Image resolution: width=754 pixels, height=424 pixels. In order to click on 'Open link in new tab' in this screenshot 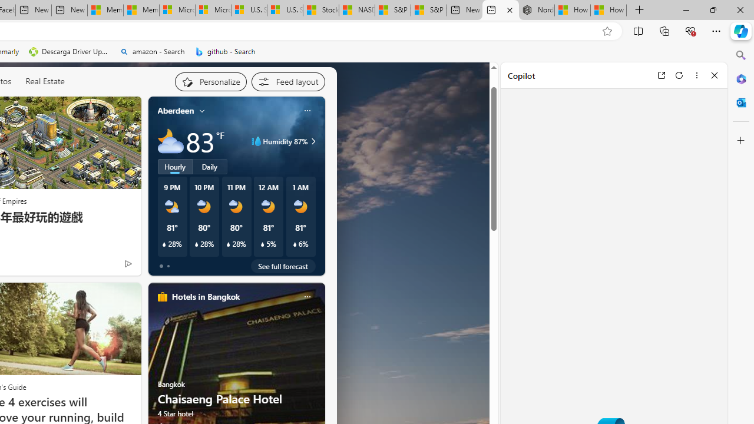, I will do `click(661, 75)`.